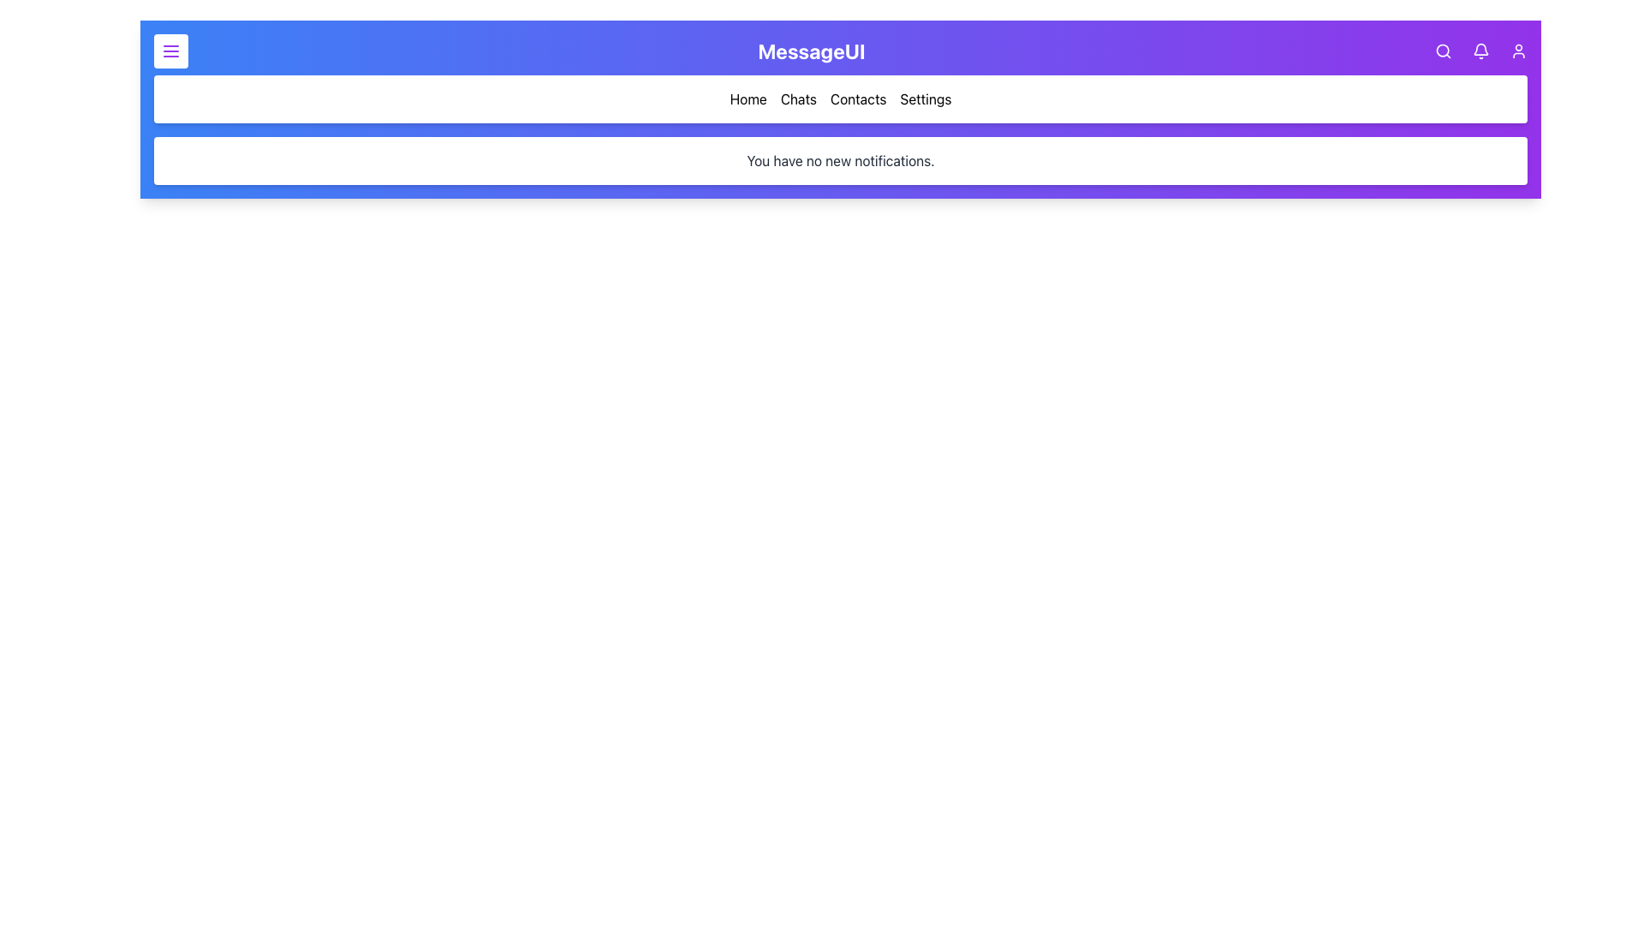  I want to click on the 'Contacts' navigation link in the horizontal menu bar, so click(841, 98).